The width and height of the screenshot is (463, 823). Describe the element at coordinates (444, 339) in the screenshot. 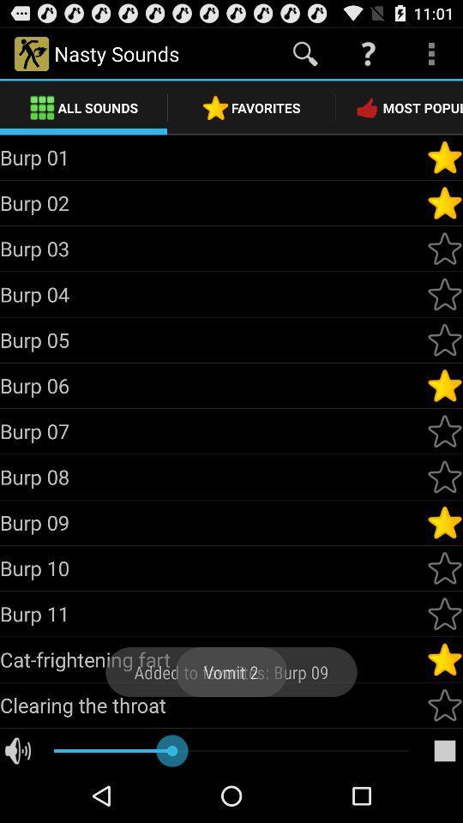

I see `burp05 to favorites` at that location.